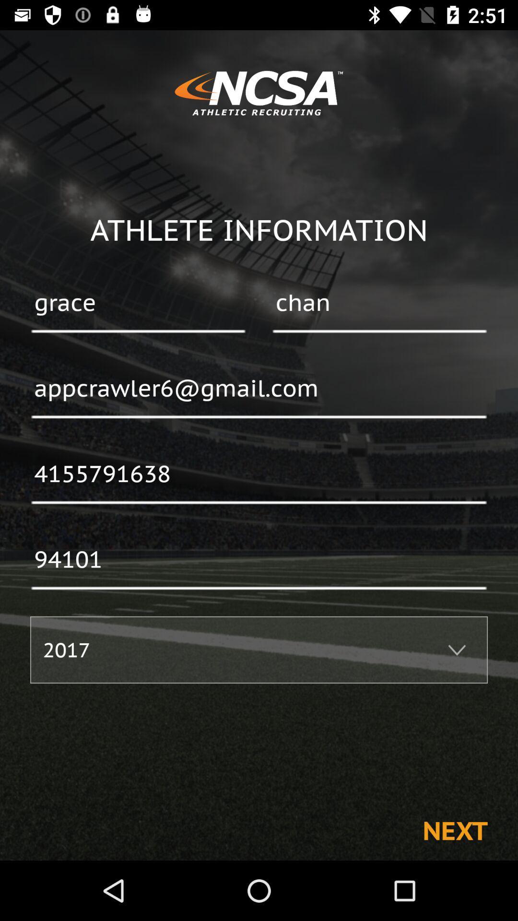 The width and height of the screenshot is (518, 921). I want to click on the 94101, so click(259, 560).